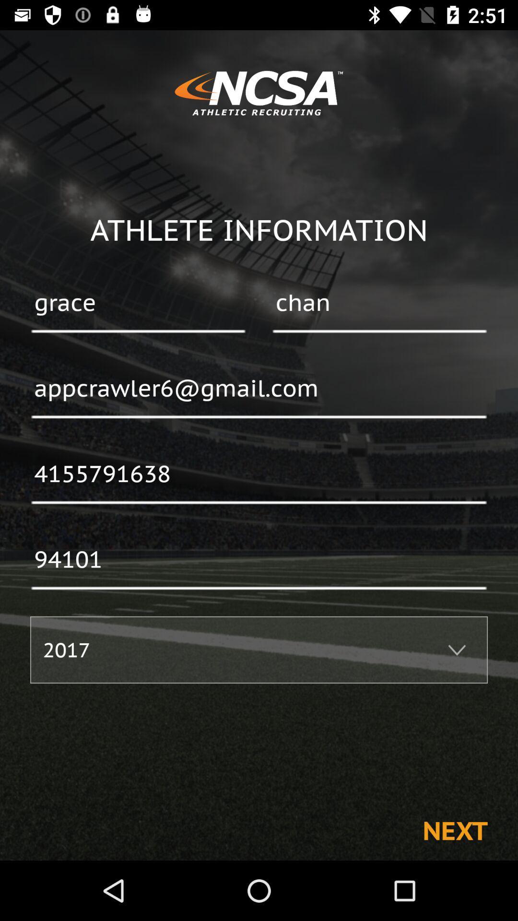 The width and height of the screenshot is (518, 921). I want to click on the 94101, so click(259, 560).